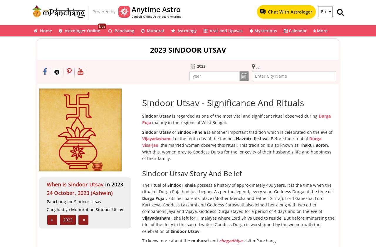 The image size is (376, 247). Describe the element at coordinates (151, 122) in the screenshot. I see `'majorly in the regions of West Bengal.'` at that location.